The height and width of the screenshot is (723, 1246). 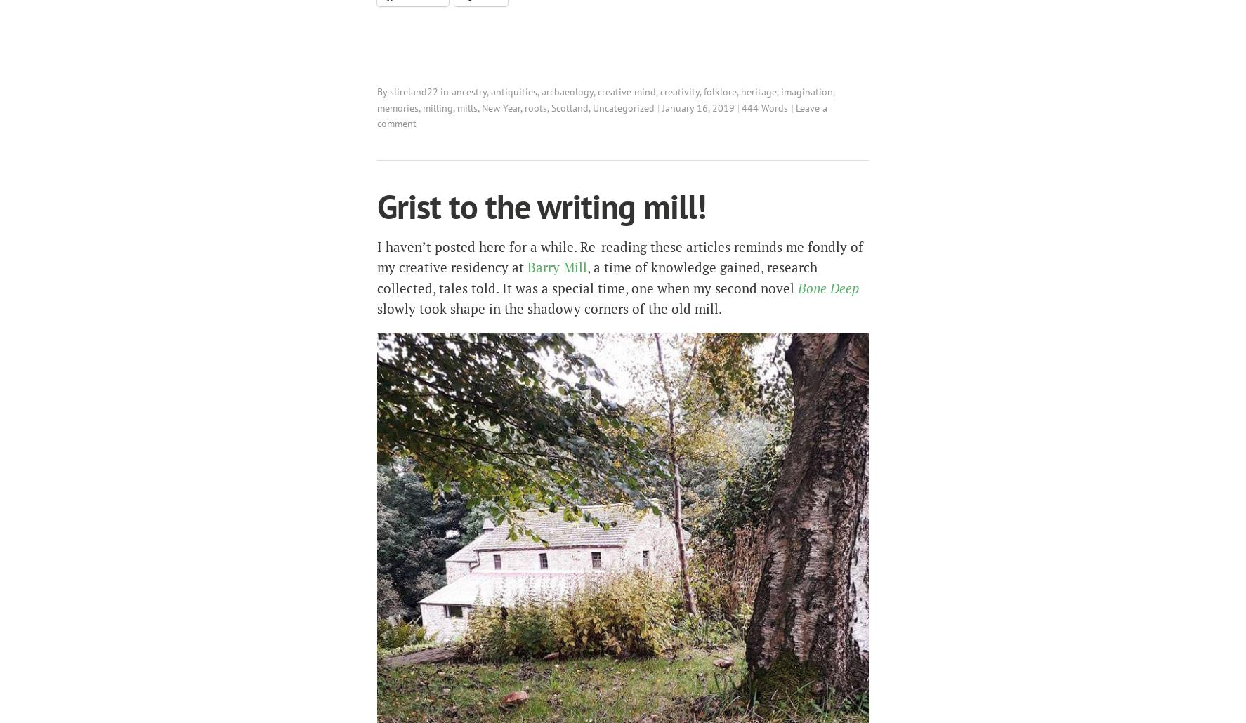 What do you see at coordinates (593, 106) in the screenshot?
I see `'Uncategorized'` at bounding box center [593, 106].